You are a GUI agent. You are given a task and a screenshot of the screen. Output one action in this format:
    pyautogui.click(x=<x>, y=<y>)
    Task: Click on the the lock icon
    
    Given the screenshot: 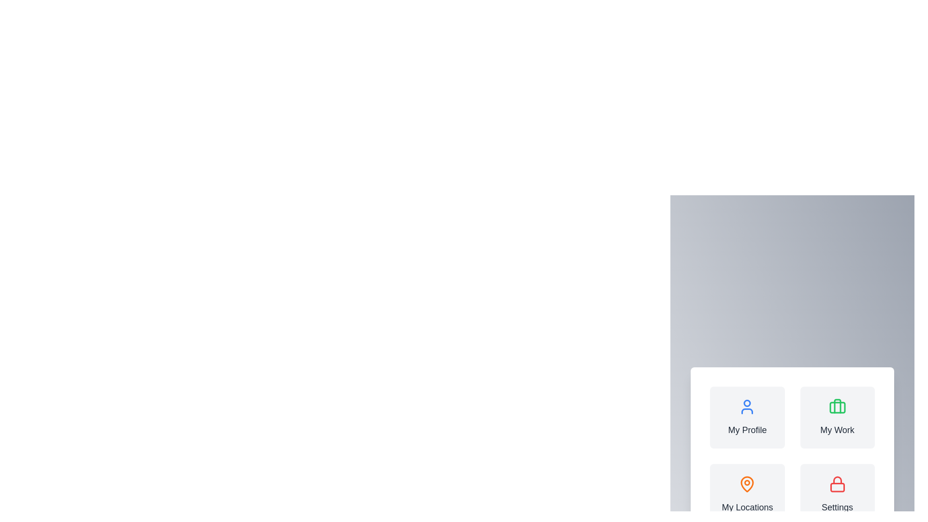 What is the action you would take?
    pyautogui.click(x=837, y=487)
    